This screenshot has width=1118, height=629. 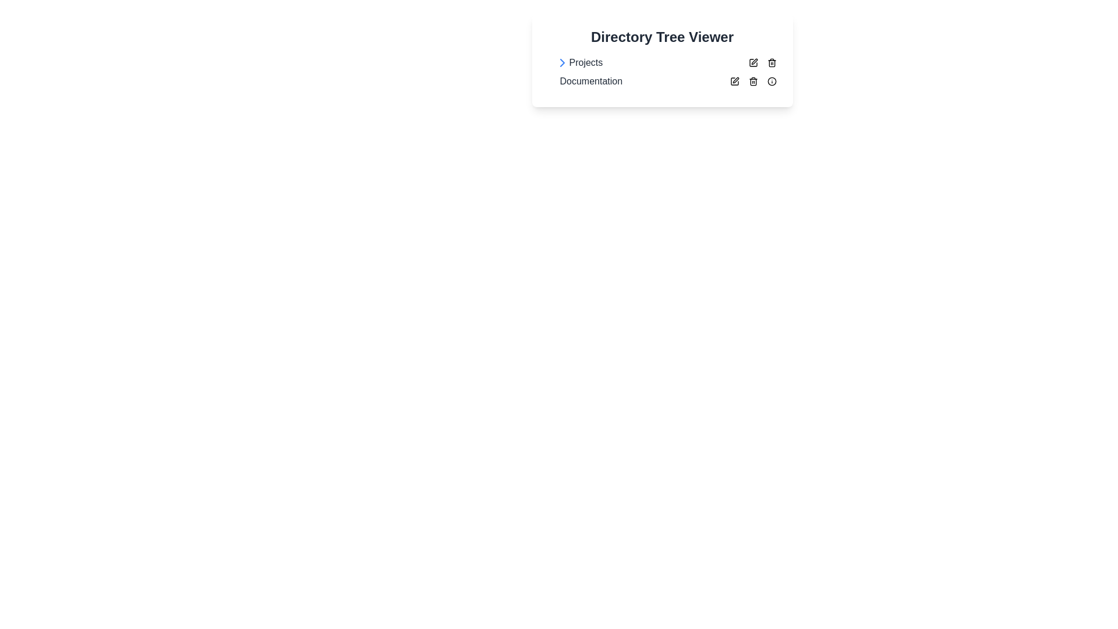 I want to click on the chevron arrow icon located in the top-right corner of the 'Directory Tree Viewer' card, so click(x=562, y=63).